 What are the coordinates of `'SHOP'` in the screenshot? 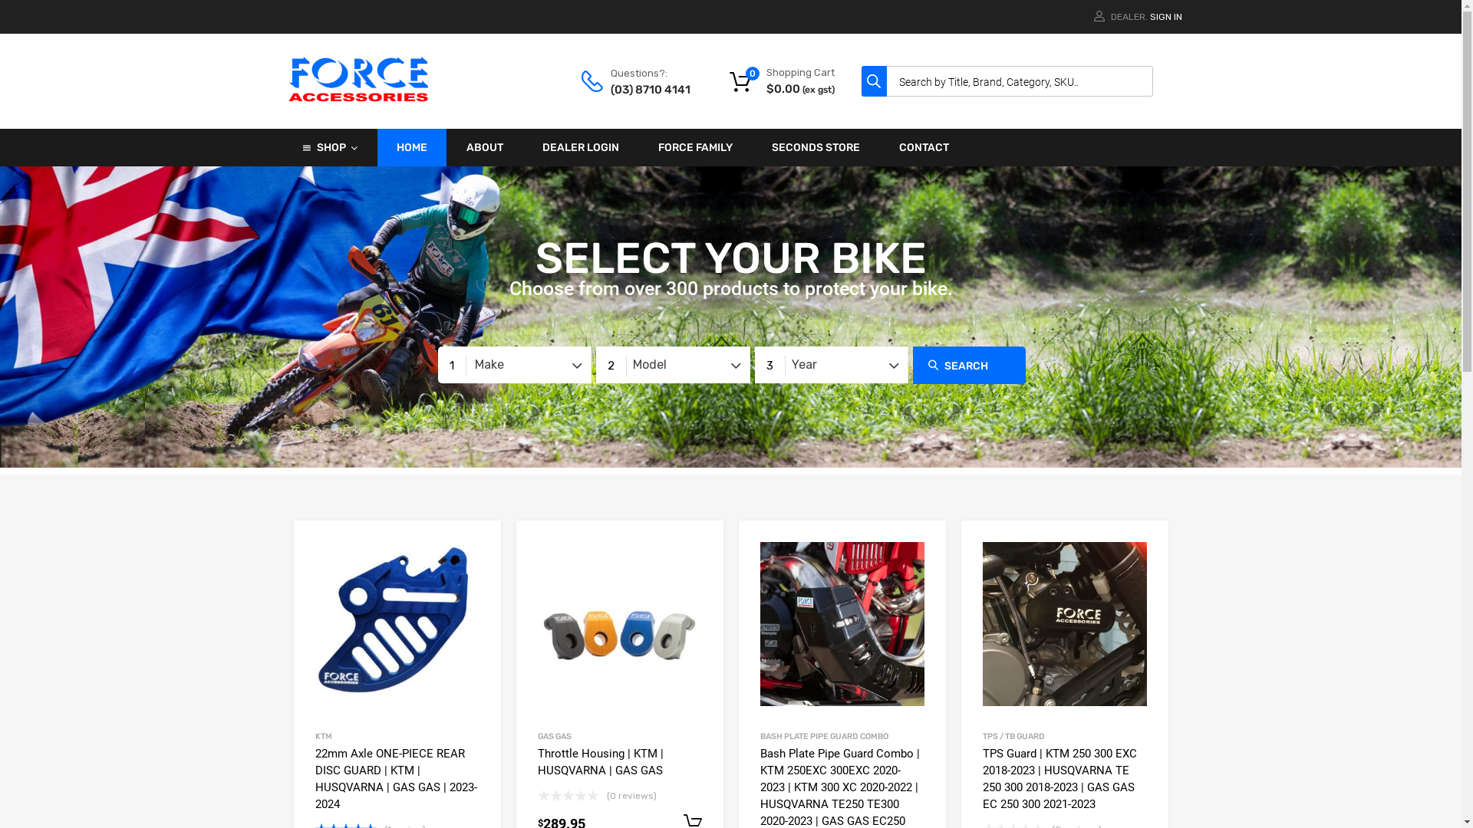 It's located at (329, 147).